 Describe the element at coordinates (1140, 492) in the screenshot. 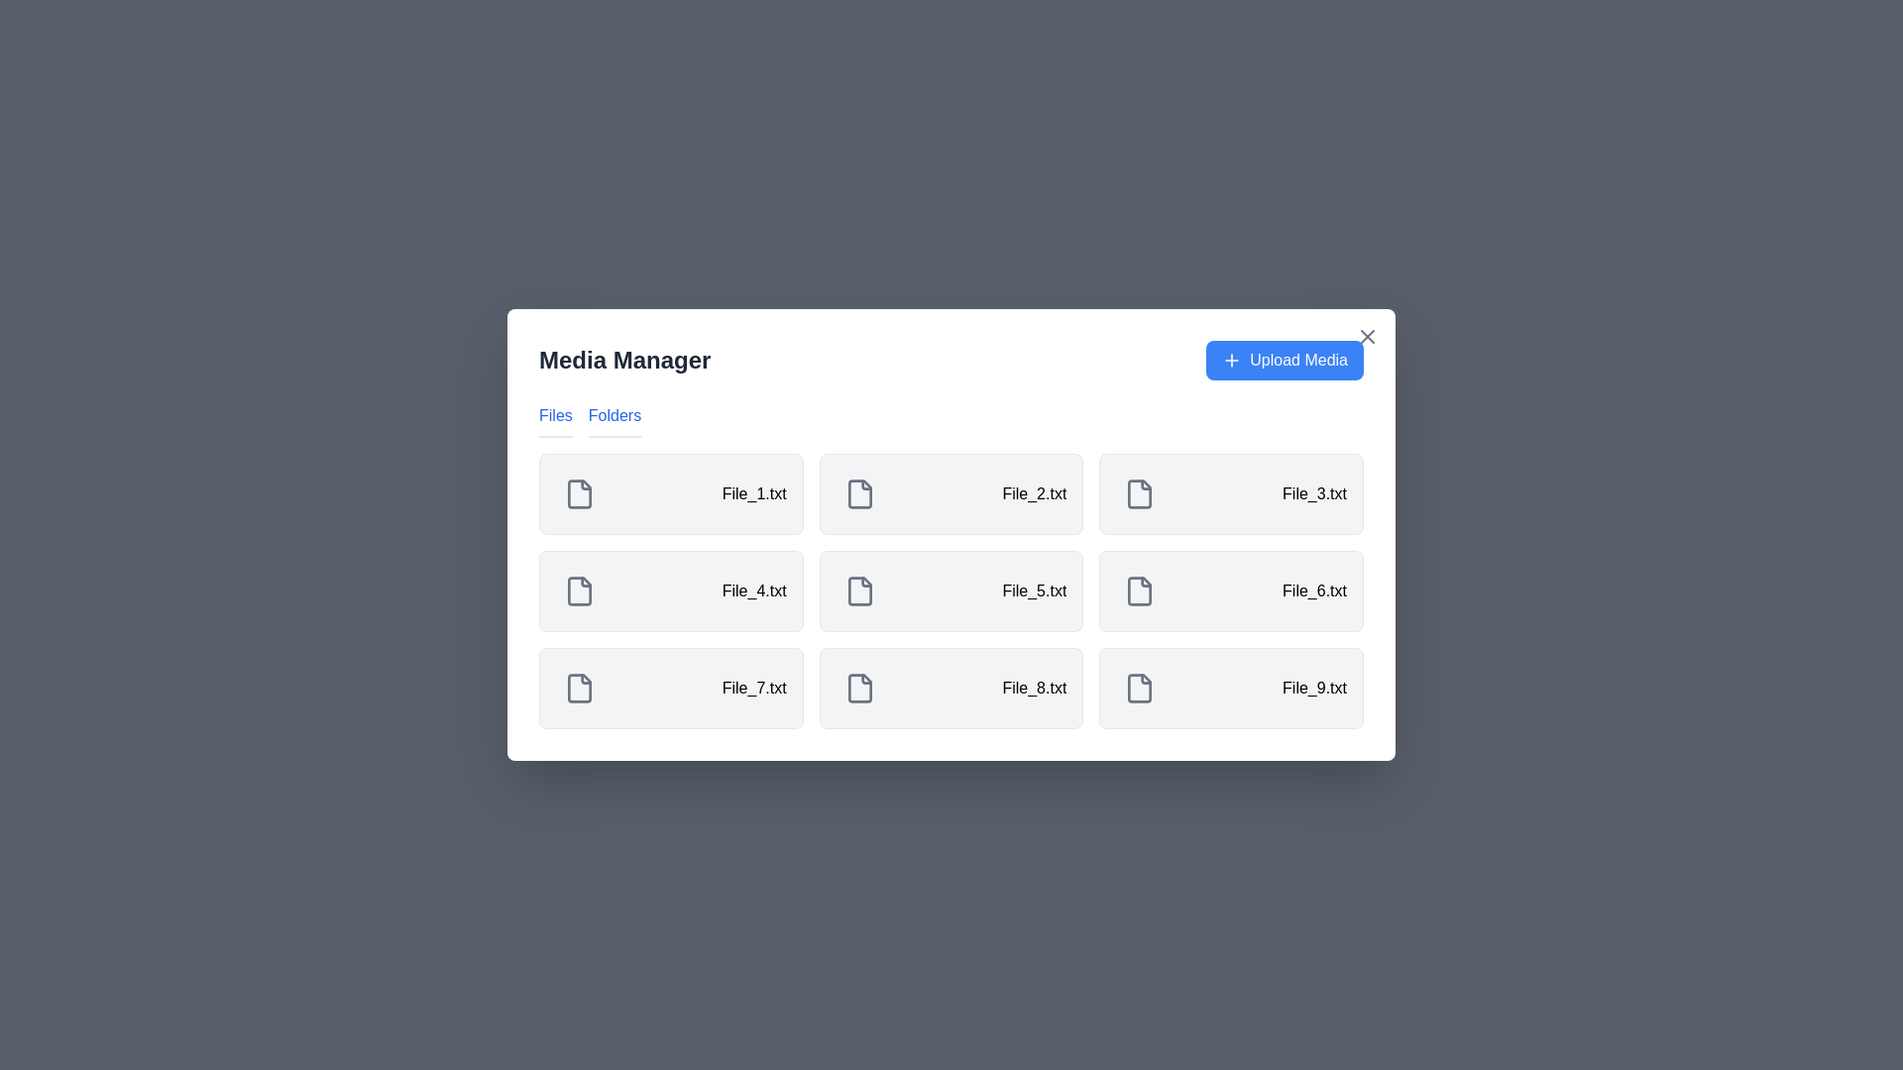

I see `the gray document icon located in the top row of the 3x3 grid layout within the 'Media Manager' interface, specifically the third item from the left, which is part of a file preview grouping` at that location.